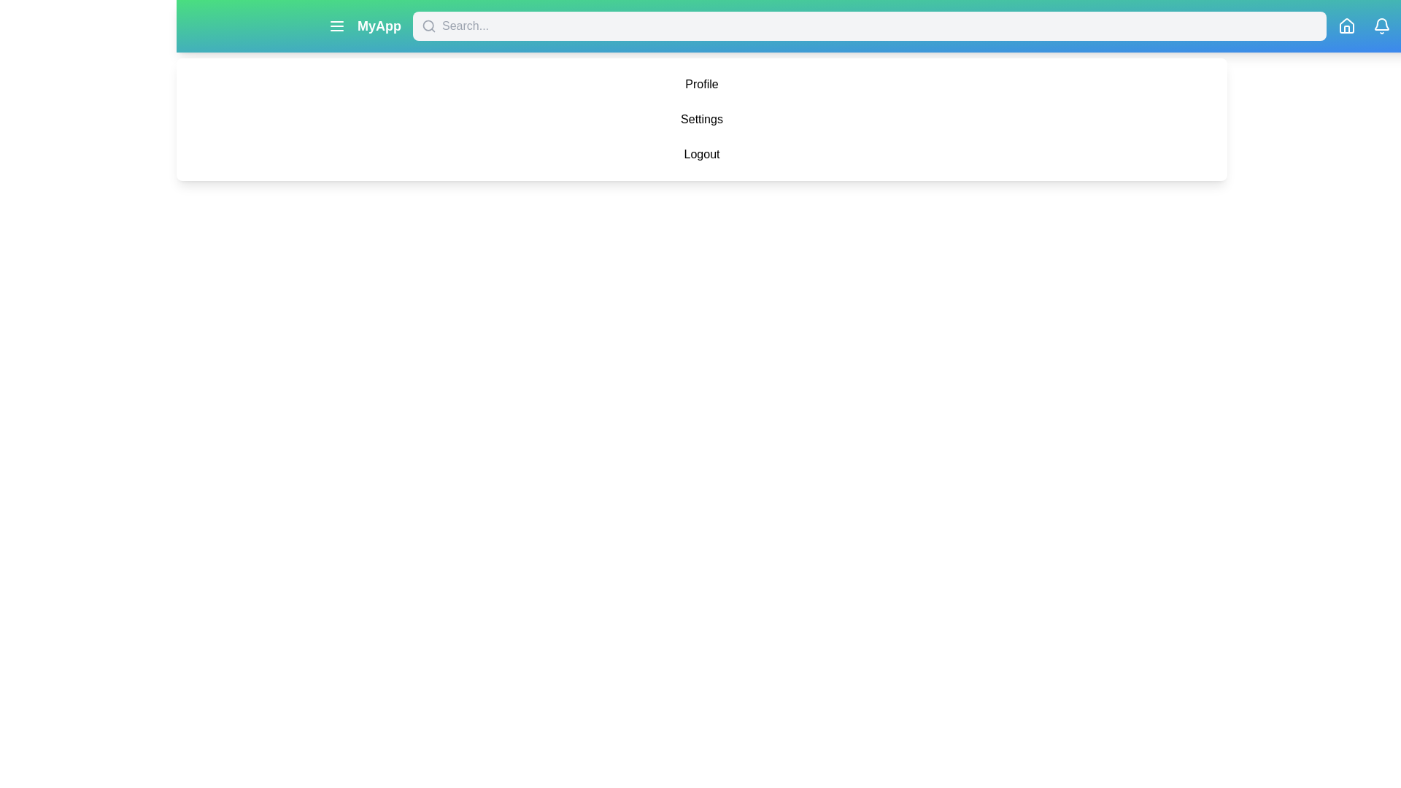 This screenshot has width=1401, height=788. What do you see at coordinates (701, 119) in the screenshot?
I see `the 'Settings' menu item, which is the second item in a vertical list of three menu items` at bounding box center [701, 119].